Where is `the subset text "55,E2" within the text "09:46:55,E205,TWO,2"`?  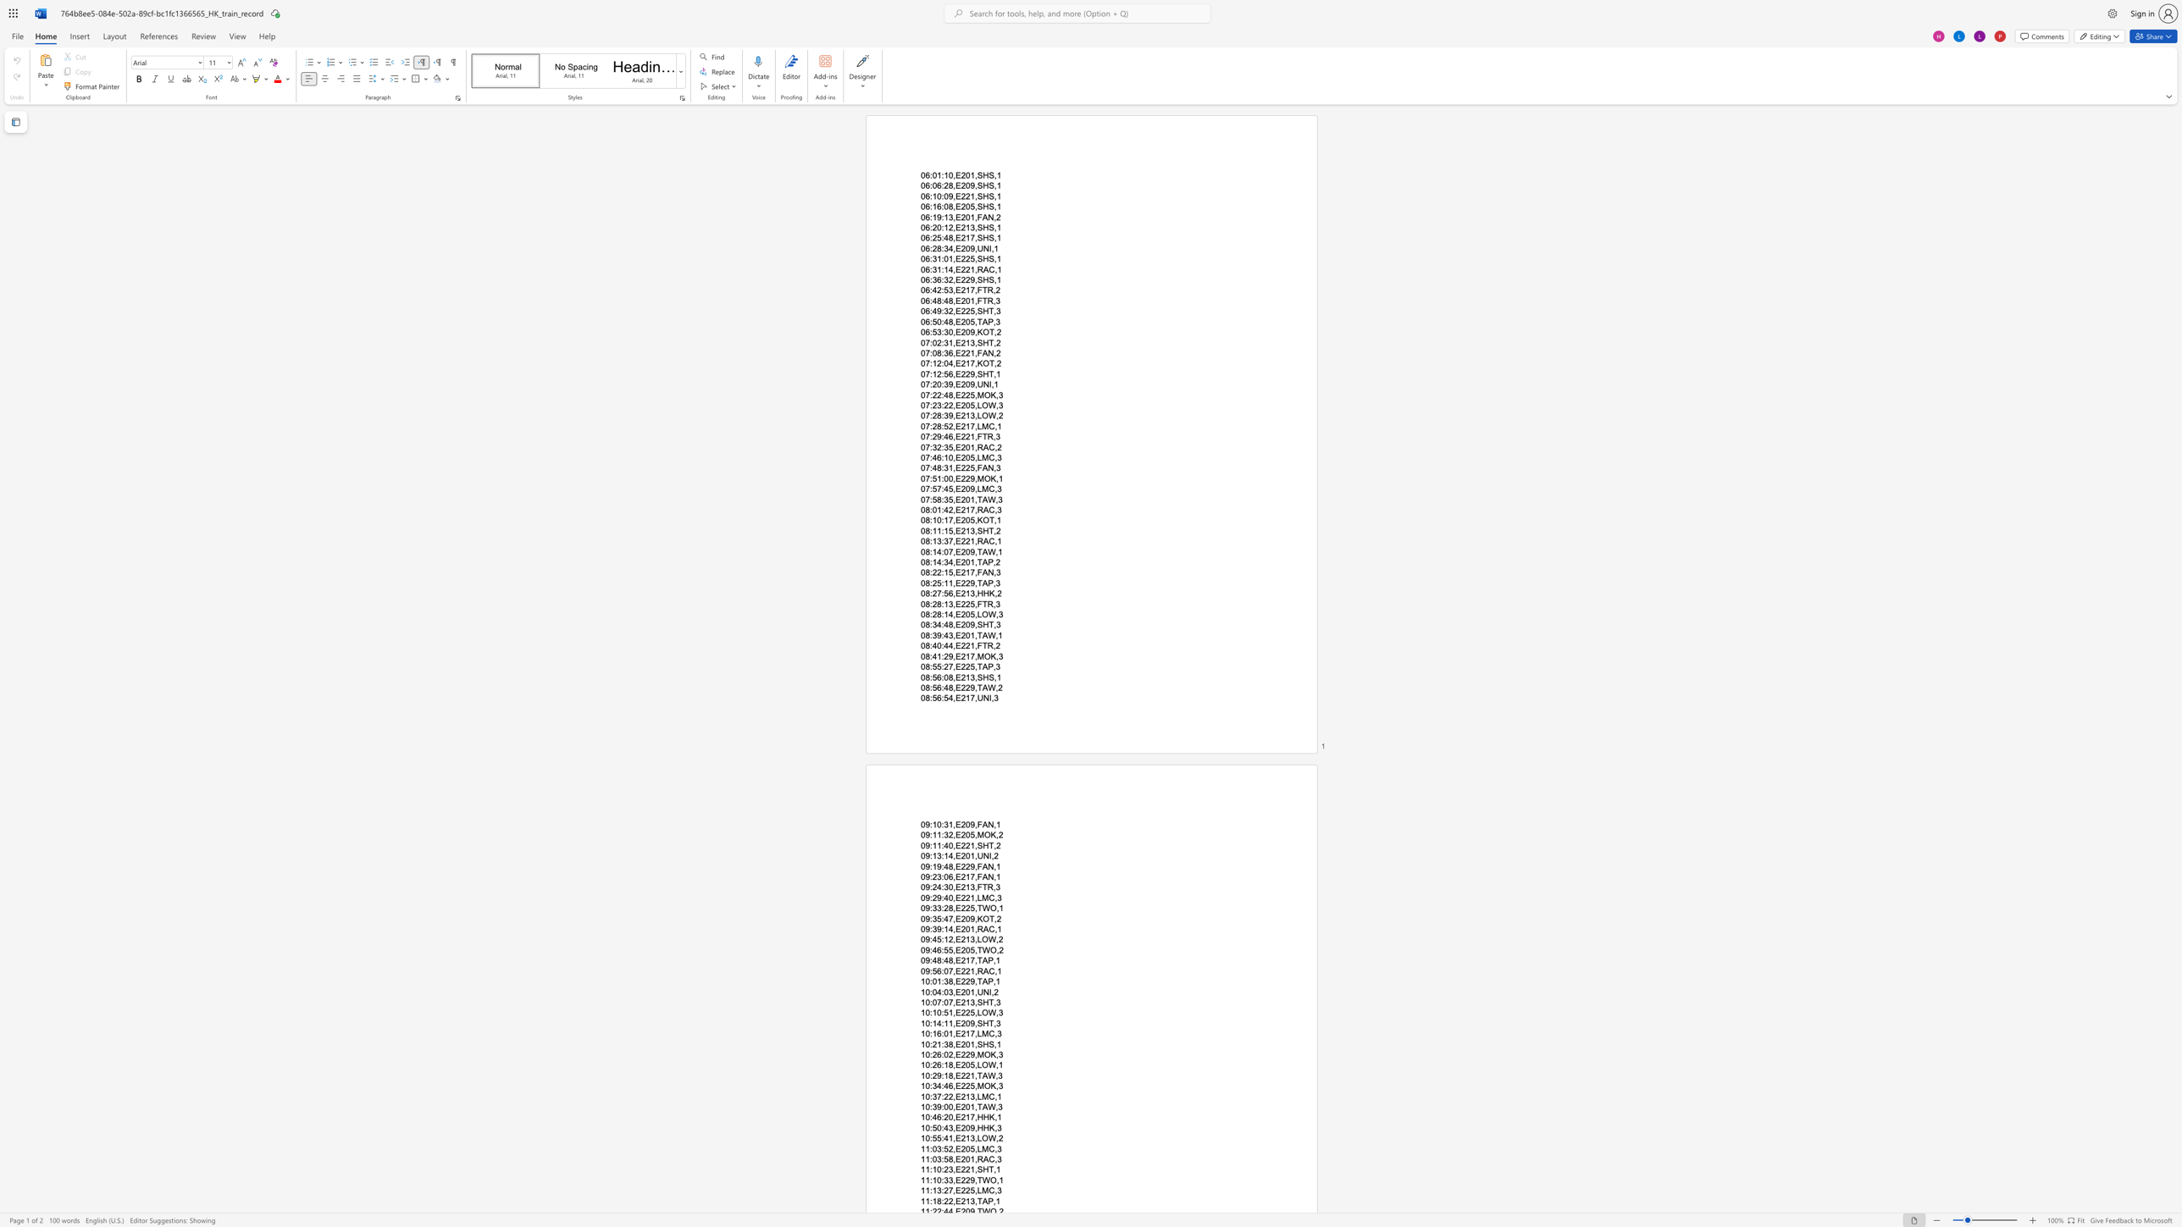 the subset text "55,E2" within the text "09:46:55,E205,TWO,2" is located at coordinates (944, 949).